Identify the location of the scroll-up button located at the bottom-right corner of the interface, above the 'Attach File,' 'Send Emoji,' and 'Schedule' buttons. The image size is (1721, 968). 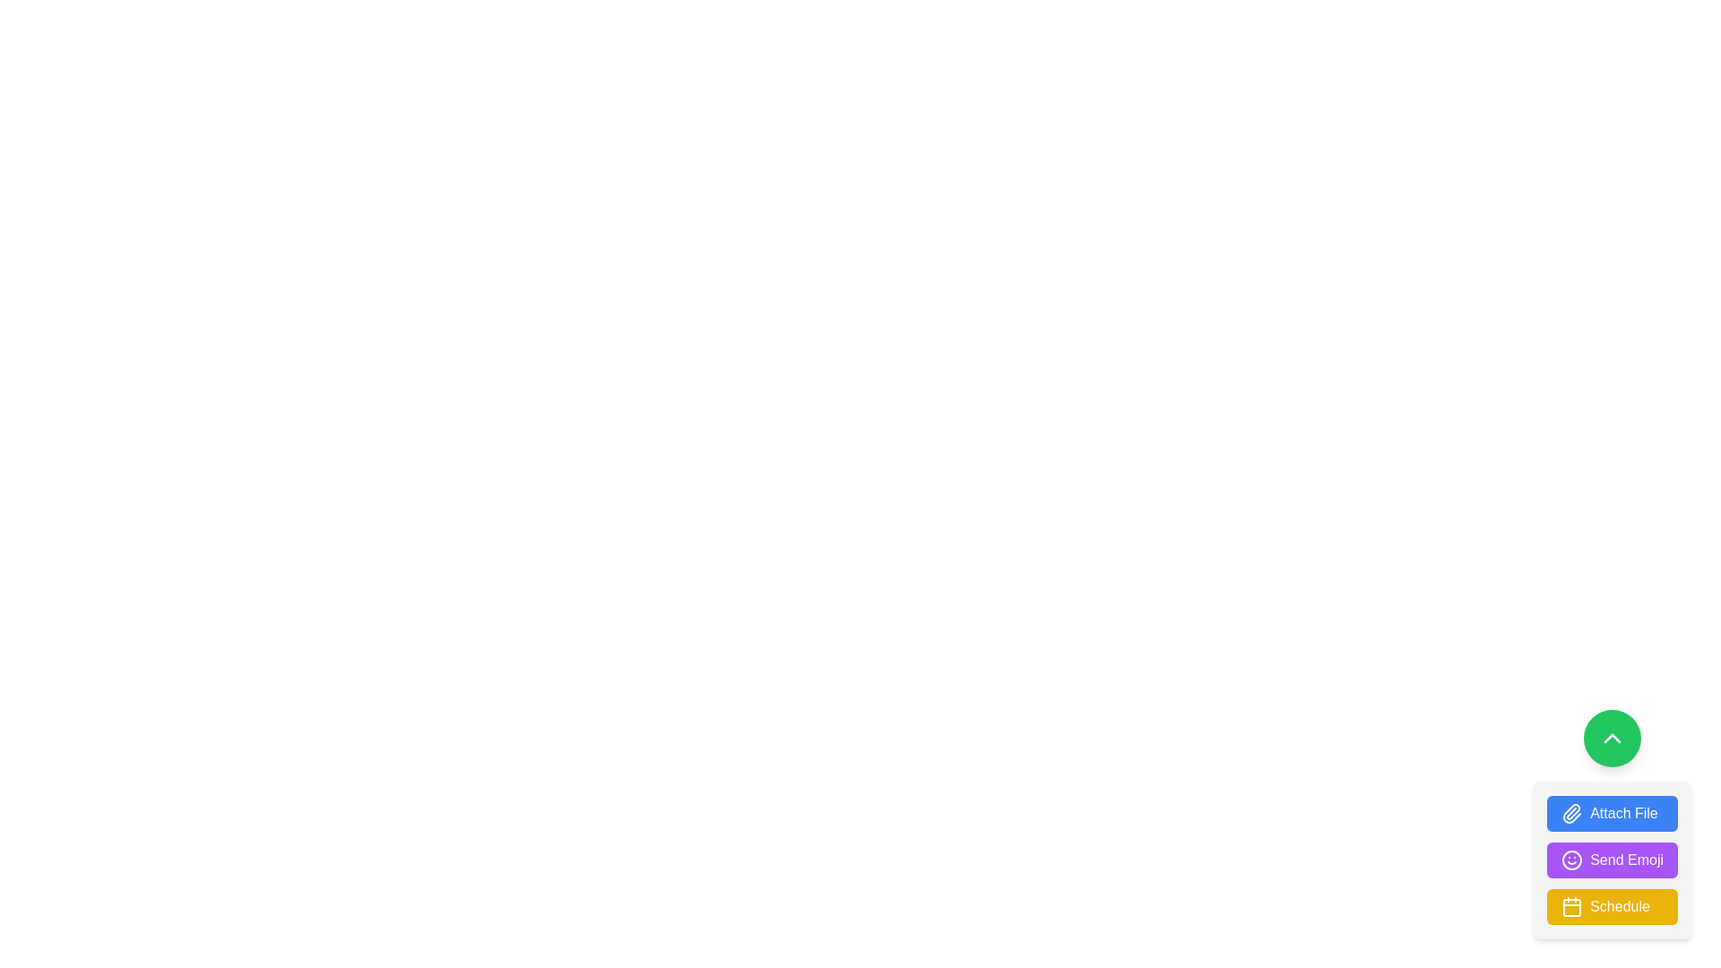
(1613, 739).